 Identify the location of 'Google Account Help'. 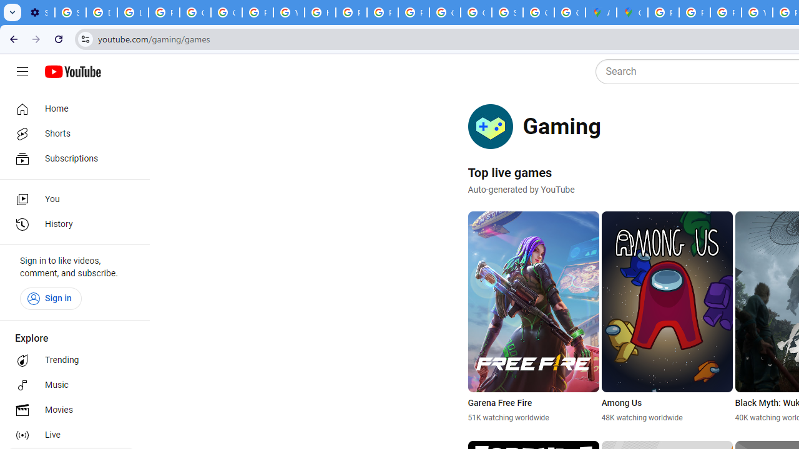
(194, 12).